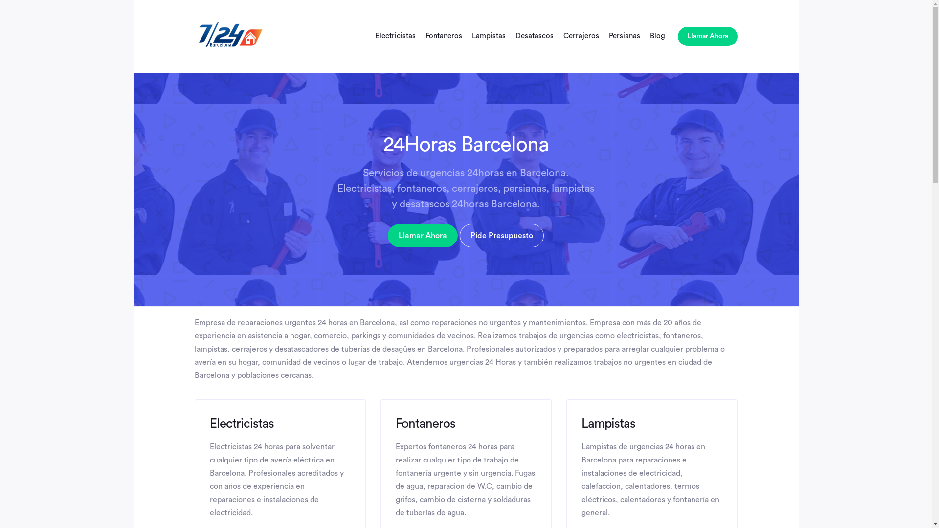 Image resolution: width=939 pixels, height=528 pixels. Describe the element at coordinates (502, 236) in the screenshot. I see `'Pide Presupuesto'` at that location.